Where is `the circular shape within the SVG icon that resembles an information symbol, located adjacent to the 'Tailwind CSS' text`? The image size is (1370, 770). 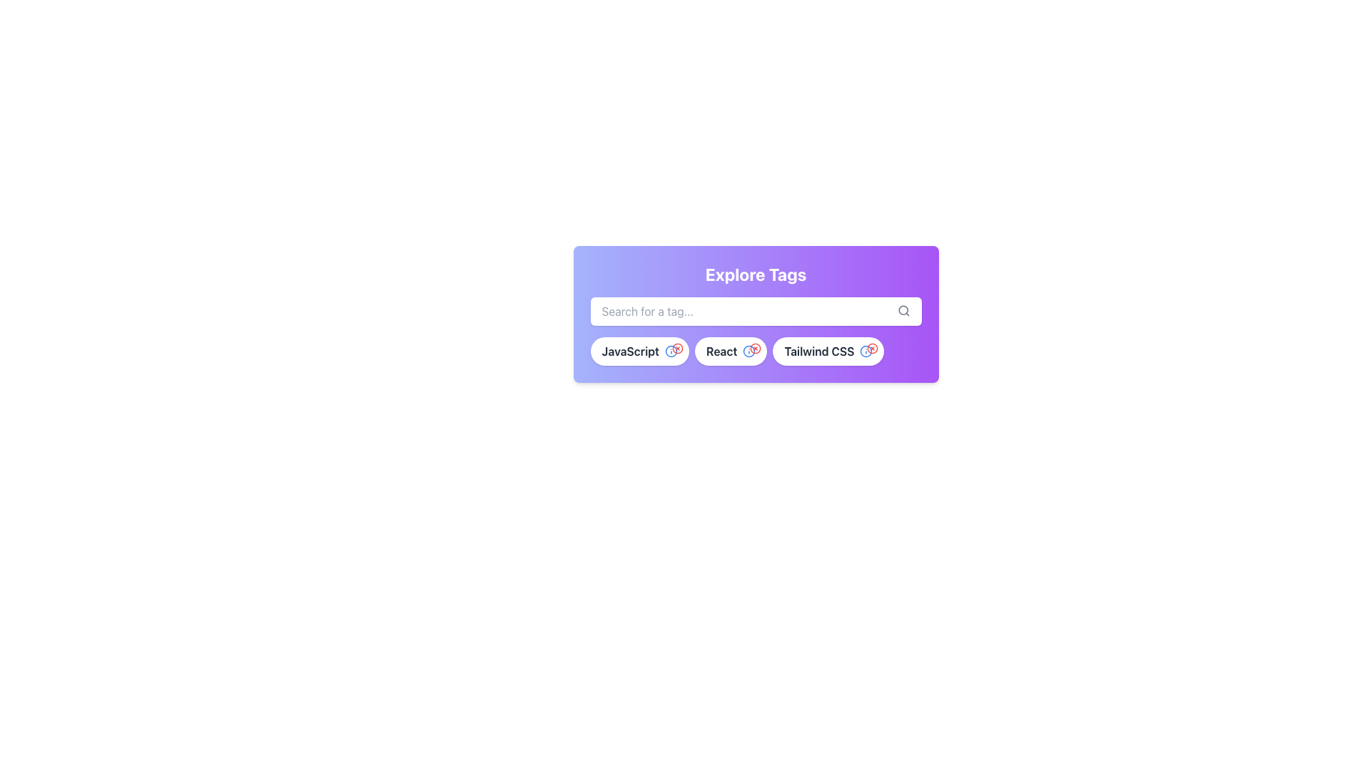 the circular shape within the SVG icon that resembles an information symbol, located adjacent to the 'Tailwind CSS' text is located at coordinates (866, 351).